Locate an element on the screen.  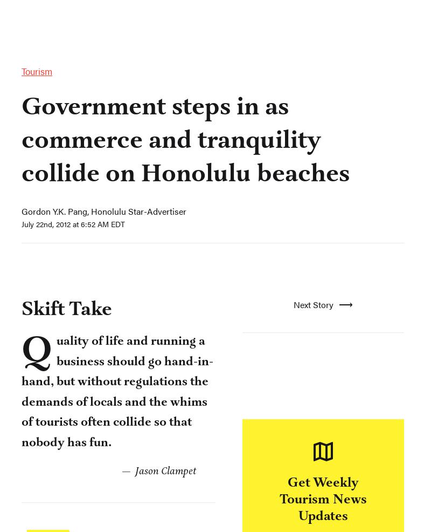
'Have a confidential tip for Skift?' is located at coordinates (86, 337).